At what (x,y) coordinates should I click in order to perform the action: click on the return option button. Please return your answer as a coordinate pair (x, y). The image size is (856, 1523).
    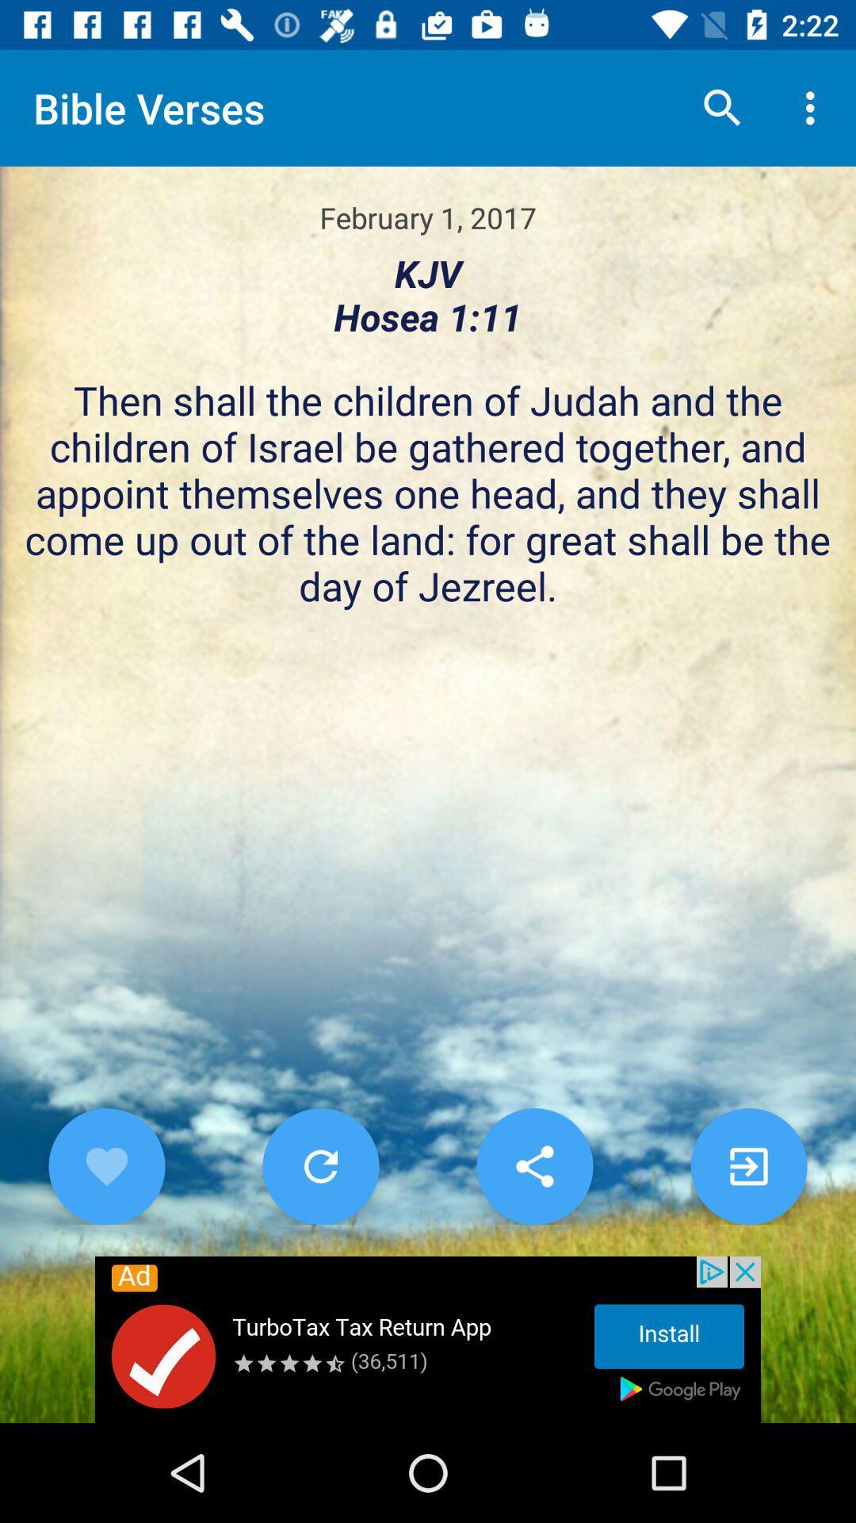
    Looking at the image, I should click on (321, 1166).